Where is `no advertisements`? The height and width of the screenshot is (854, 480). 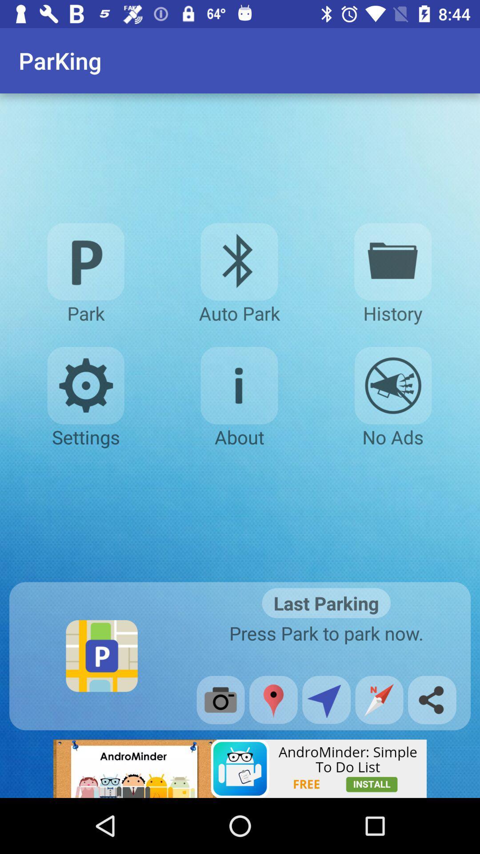
no advertisements is located at coordinates (392, 386).